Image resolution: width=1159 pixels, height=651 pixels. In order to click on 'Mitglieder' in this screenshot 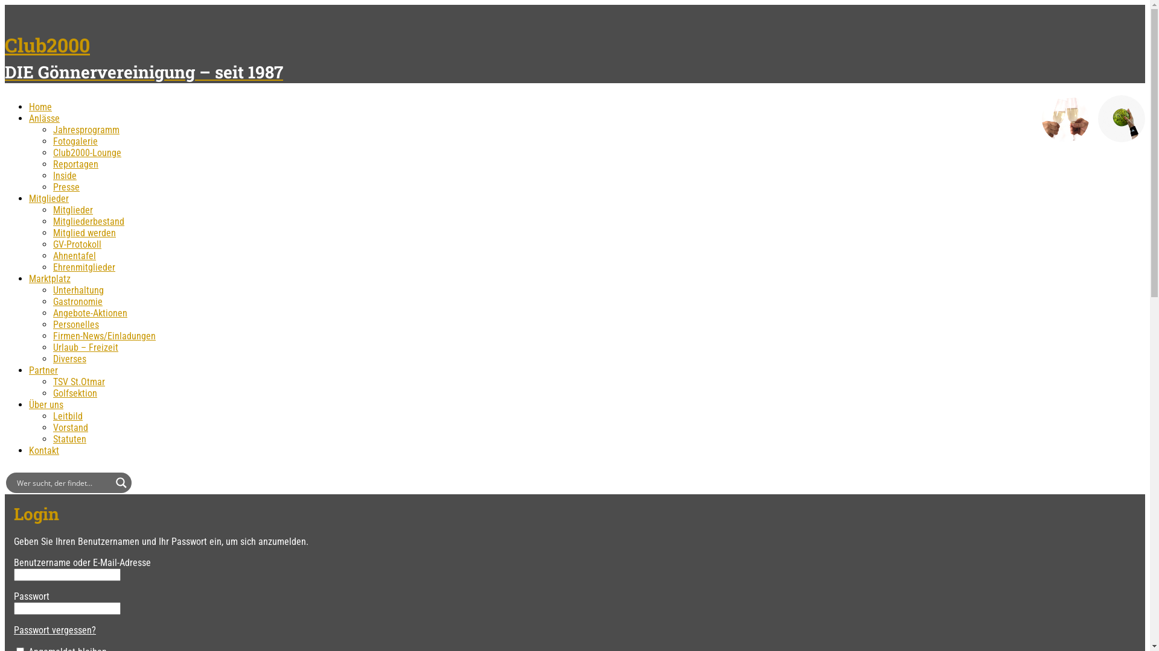, I will do `click(72, 209)`.